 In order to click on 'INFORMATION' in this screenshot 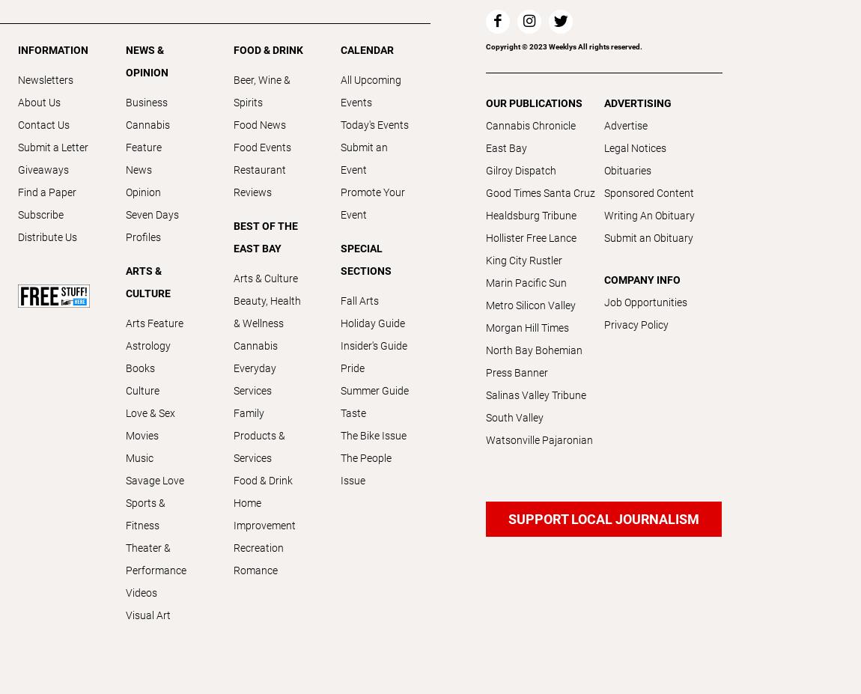, I will do `click(52, 49)`.